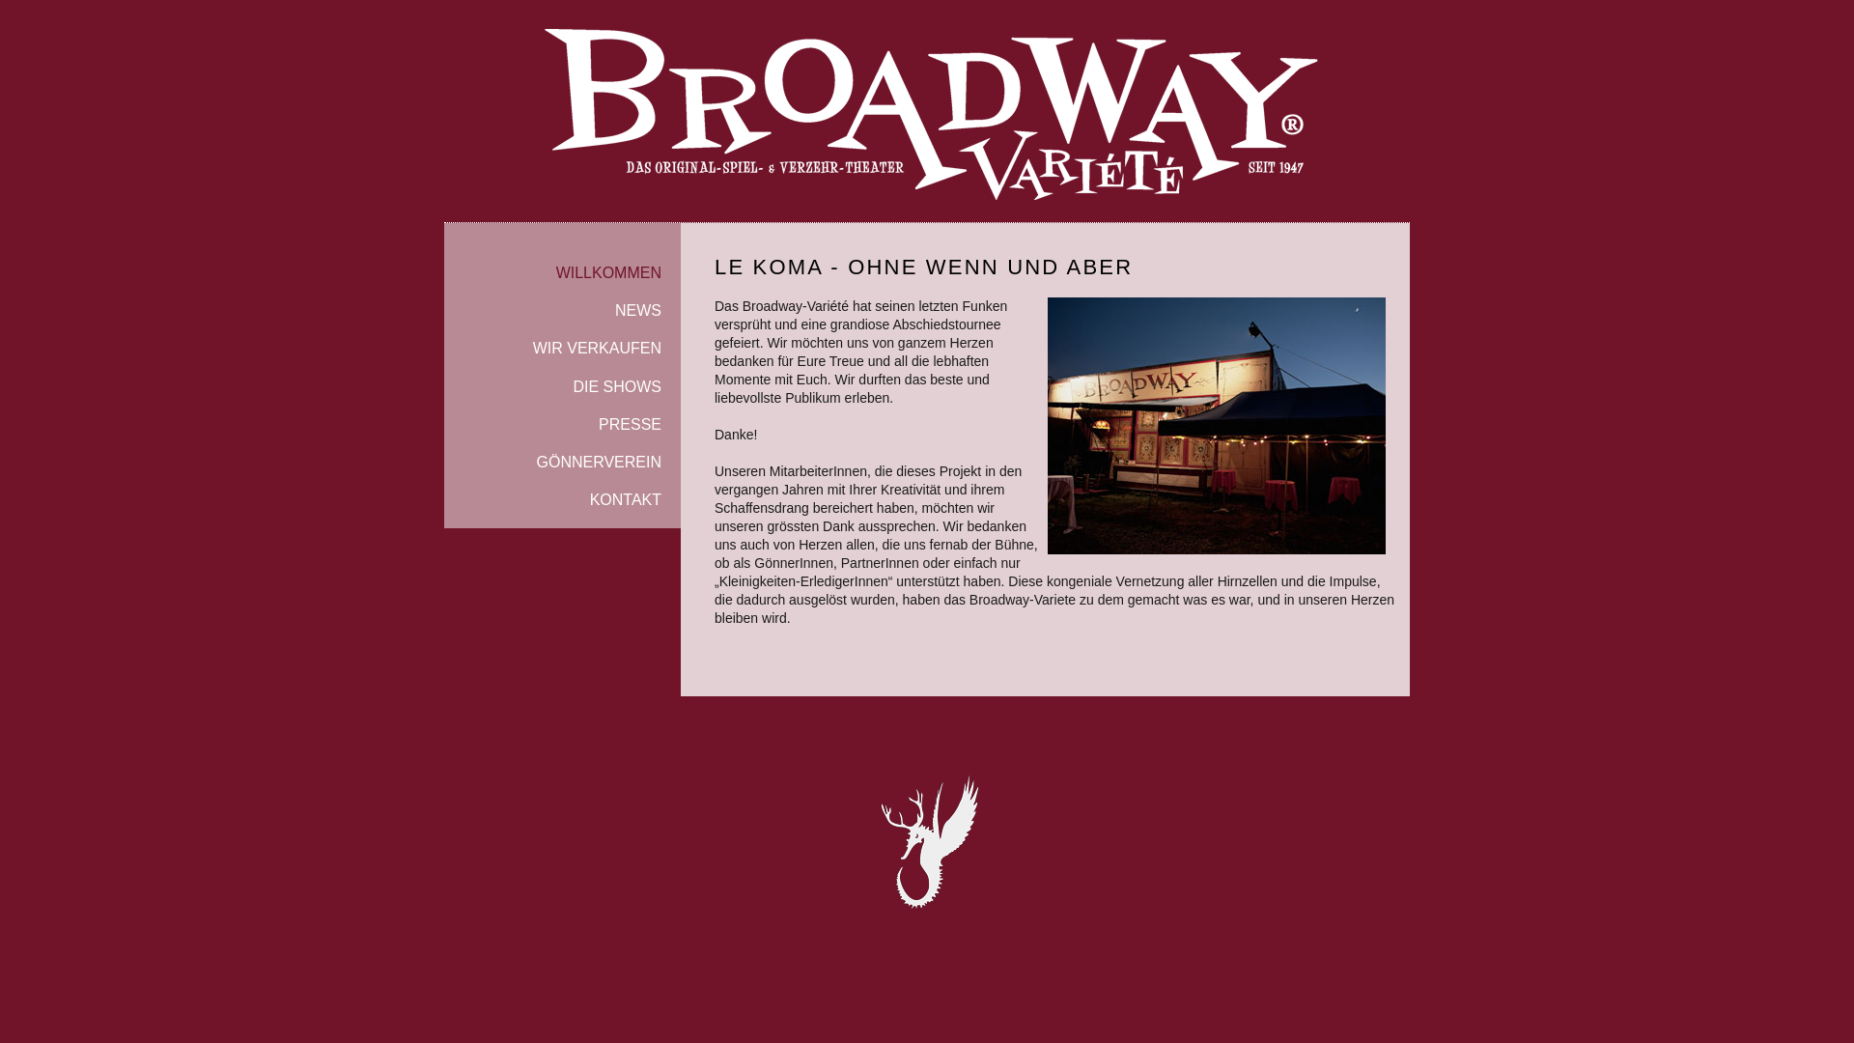 This screenshot has width=1854, height=1043. Describe the element at coordinates (443, 341) in the screenshot. I see `'WIR VERKAUFEN'` at that location.